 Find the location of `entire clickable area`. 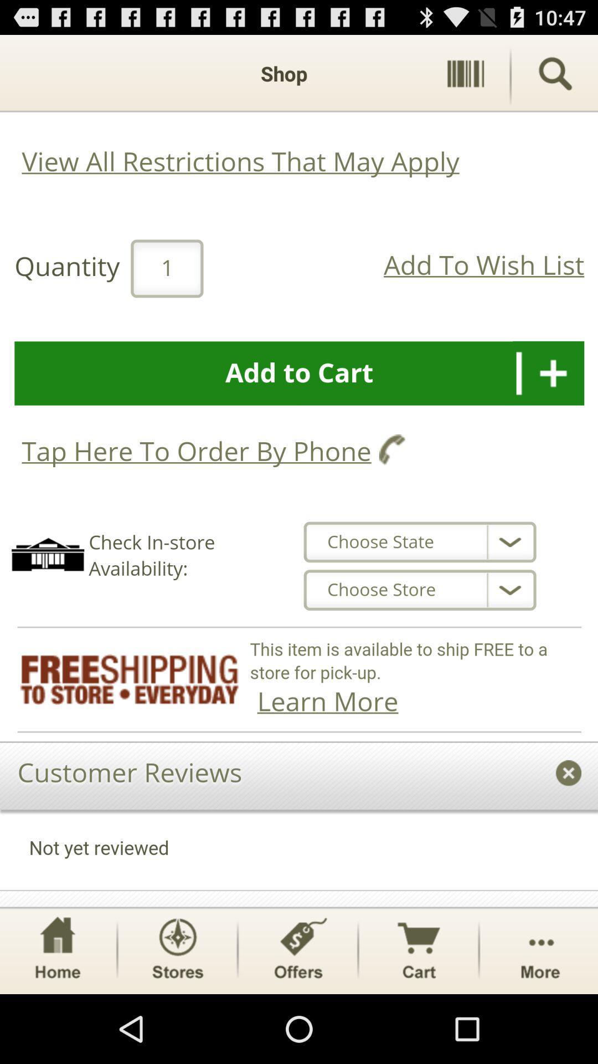

entire clickable area is located at coordinates (299, 470).